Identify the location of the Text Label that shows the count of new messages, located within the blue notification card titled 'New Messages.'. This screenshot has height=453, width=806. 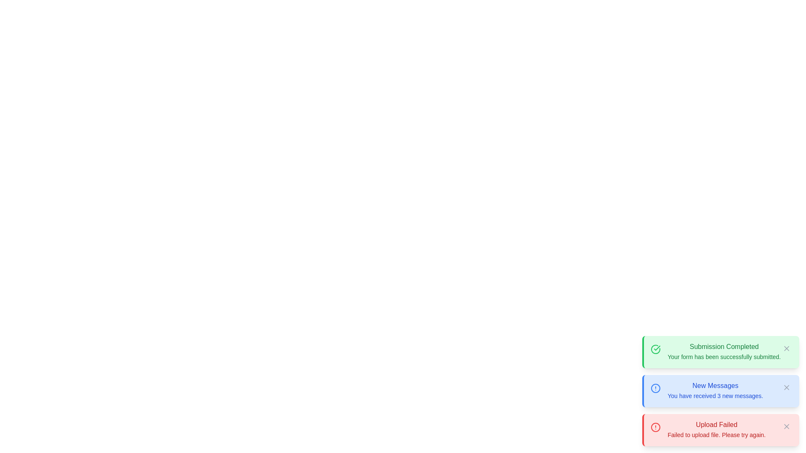
(715, 396).